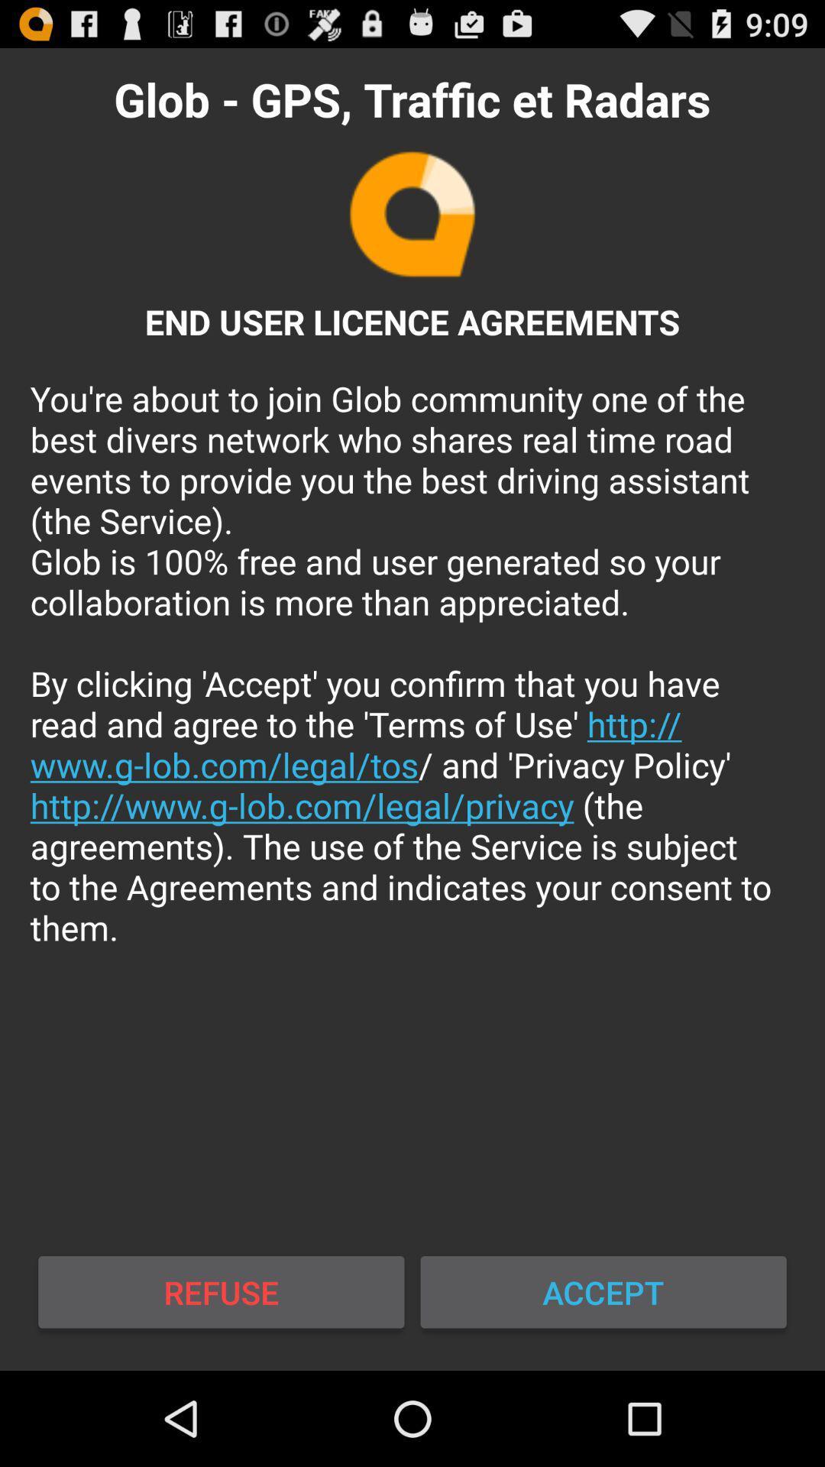  Describe the element at coordinates (412, 662) in the screenshot. I see `the you re about` at that location.